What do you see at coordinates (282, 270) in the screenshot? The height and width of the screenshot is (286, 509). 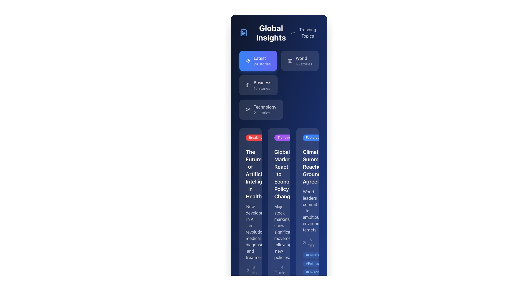 I see `the content of the Text Label that informs users about the estimated reading duration, located at the bottom of the card about market reactions to economic policy changes` at bounding box center [282, 270].